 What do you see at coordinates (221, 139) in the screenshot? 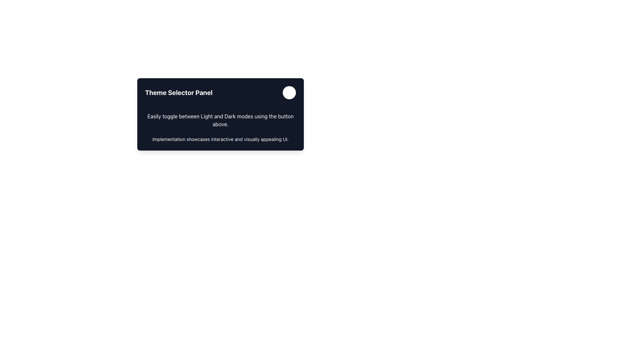
I see `the descriptive text located at the bottom of the dark-themed card-like panel, positioned below the paragraph about toggling modes` at bounding box center [221, 139].